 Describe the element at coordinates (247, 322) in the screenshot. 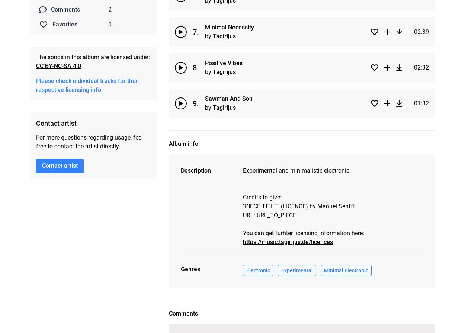

I see `'Log in'` at that location.